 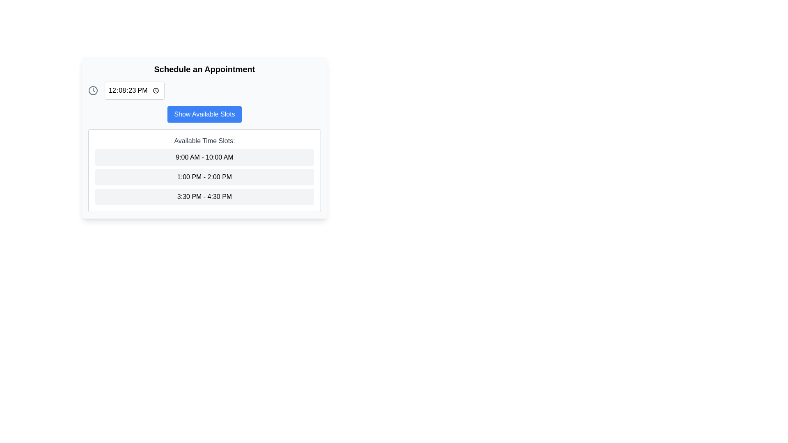 I want to click on the static display element showing the time slot '1:00 PM - 2:00 PM', which is the second item in the list of available time slots, so click(x=204, y=177).